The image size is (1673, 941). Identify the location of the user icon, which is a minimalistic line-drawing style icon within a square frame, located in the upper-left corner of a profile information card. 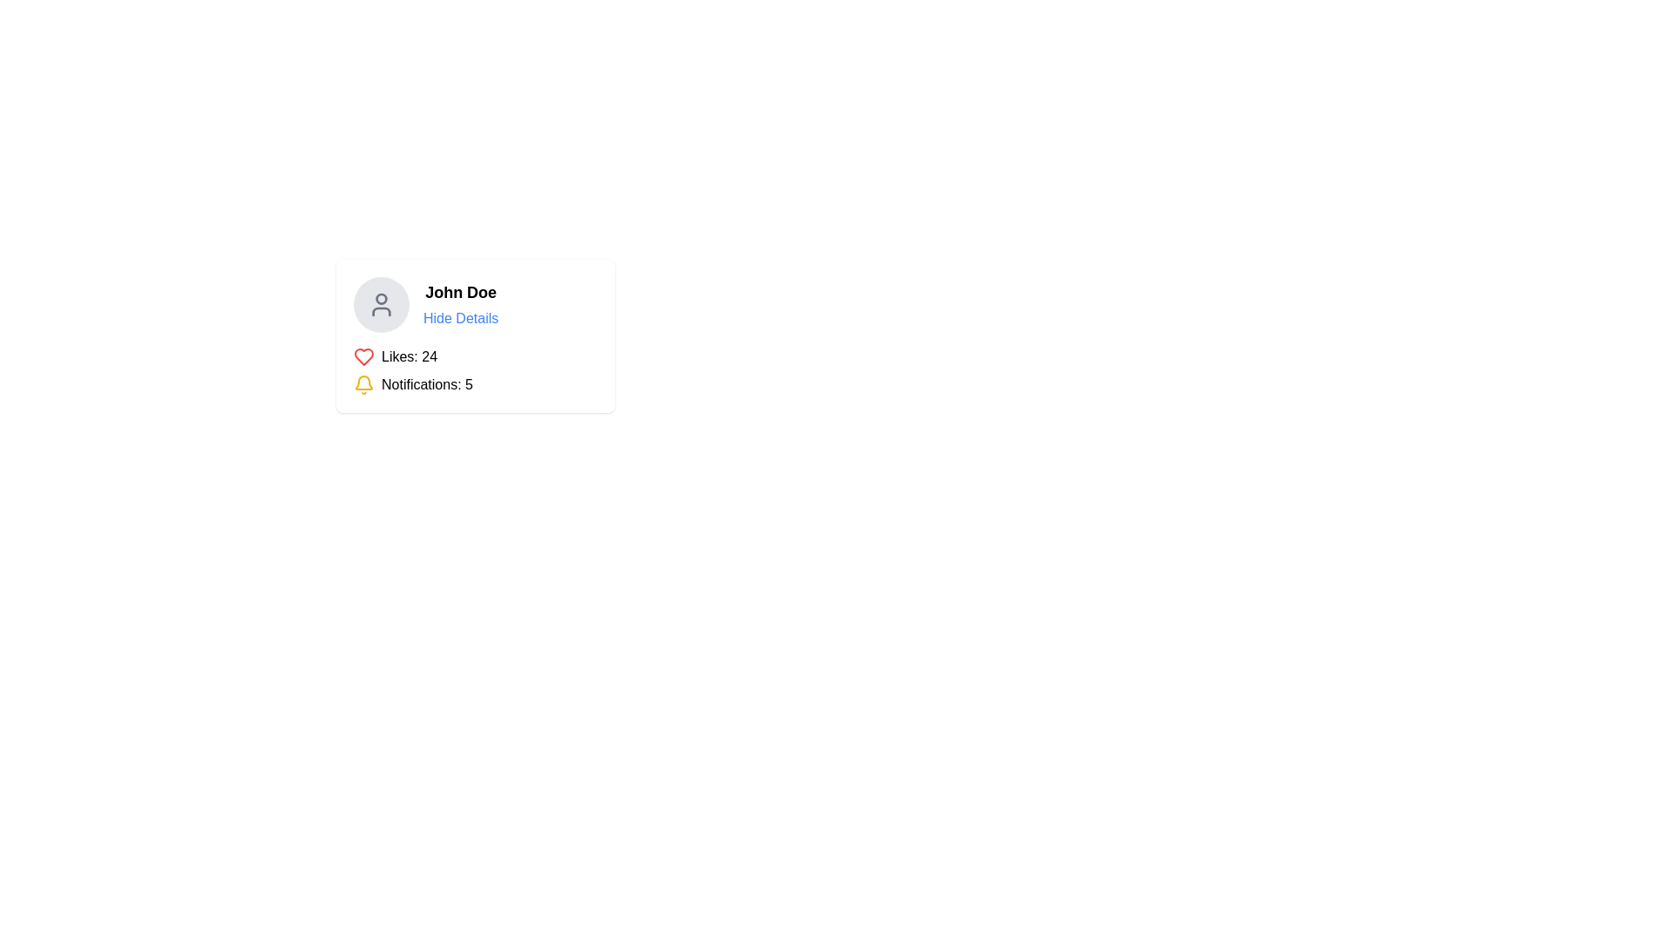
(380, 304).